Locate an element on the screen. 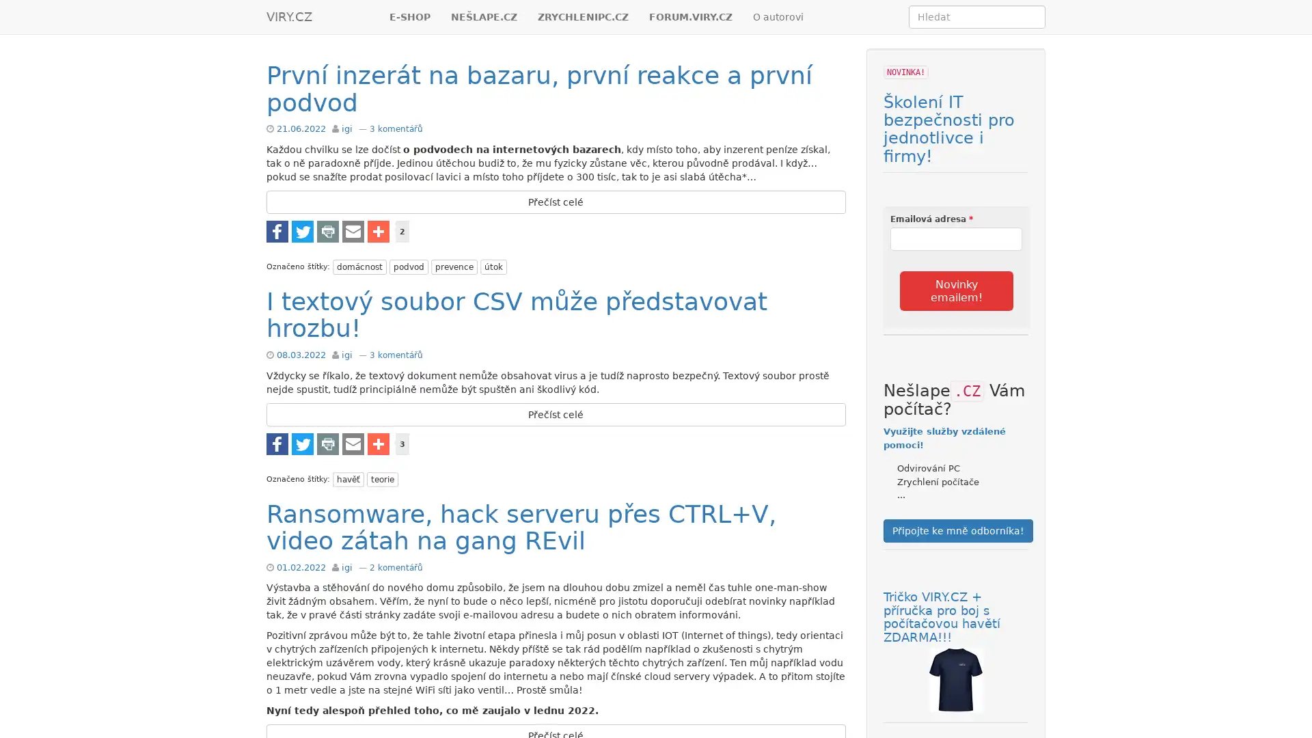 This screenshot has width=1312, height=738. Share to E-mail is located at coordinates (353, 230).